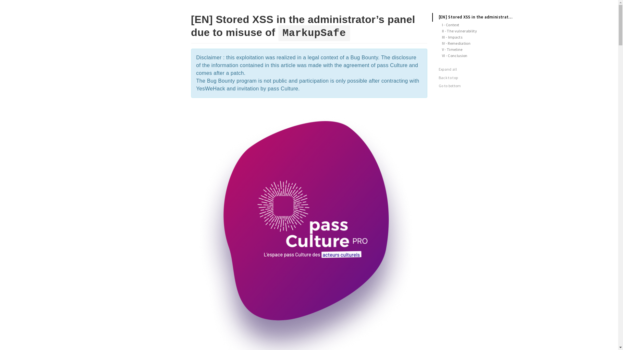 The height and width of the screenshot is (350, 623). I want to click on 'Back to top', so click(477, 77).